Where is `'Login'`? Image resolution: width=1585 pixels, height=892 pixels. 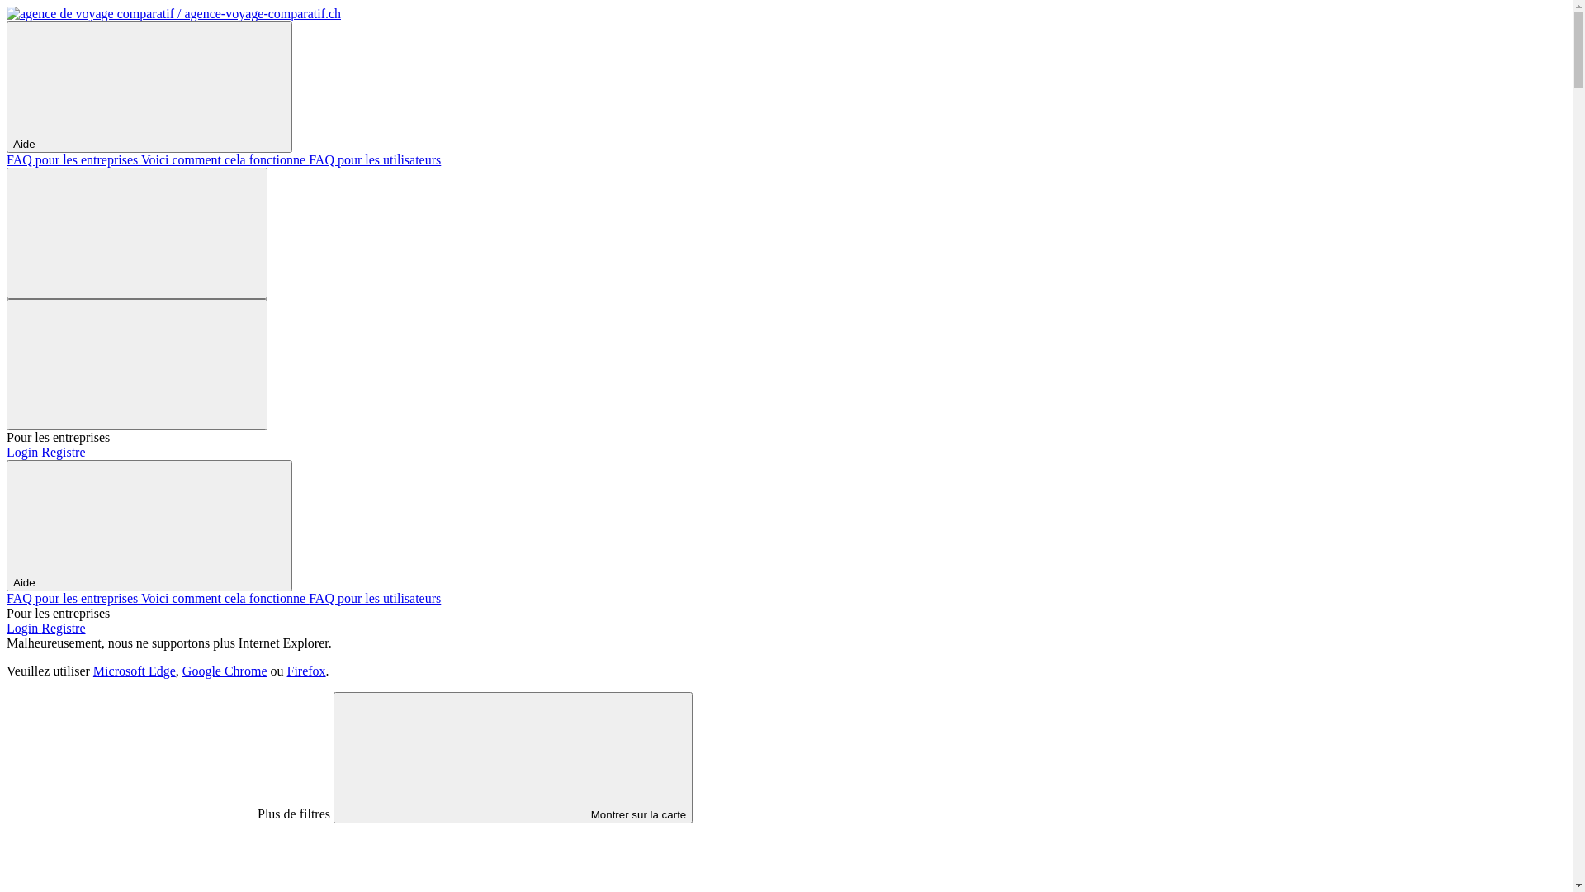
'Login' is located at coordinates (23, 628).